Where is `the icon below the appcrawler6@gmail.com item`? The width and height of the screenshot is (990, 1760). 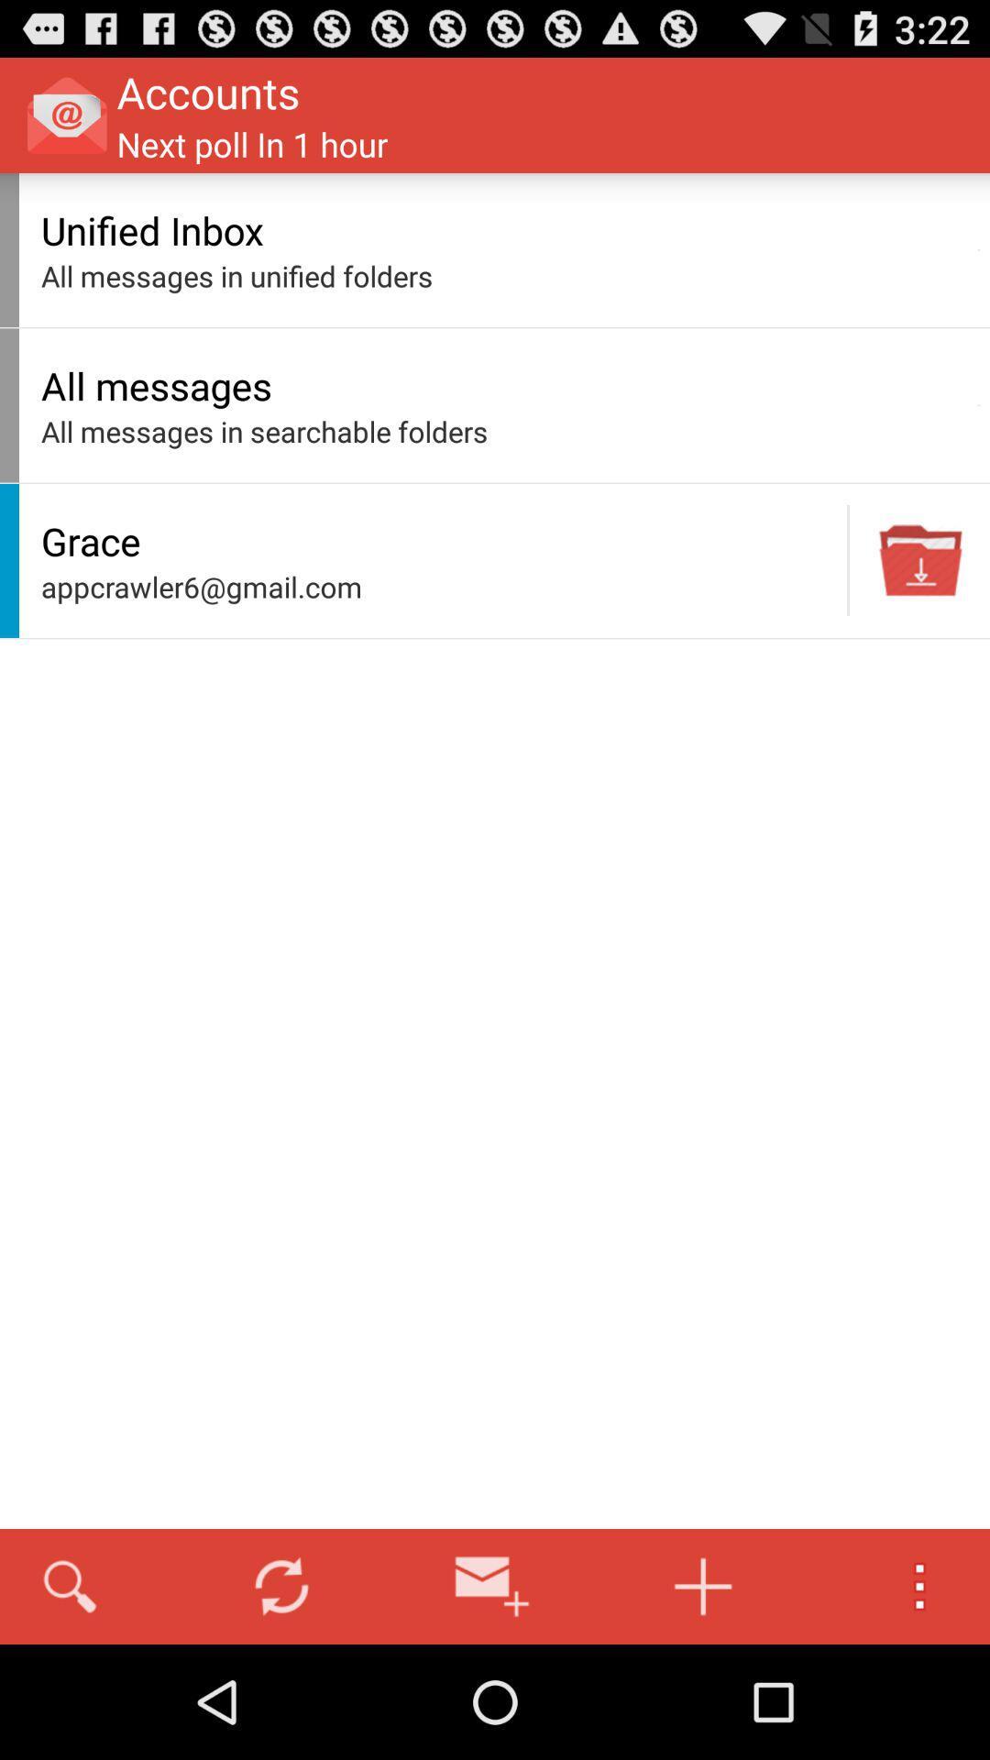
the icon below the appcrawler6@gmail.com item is located at coordinates (281, 1586).